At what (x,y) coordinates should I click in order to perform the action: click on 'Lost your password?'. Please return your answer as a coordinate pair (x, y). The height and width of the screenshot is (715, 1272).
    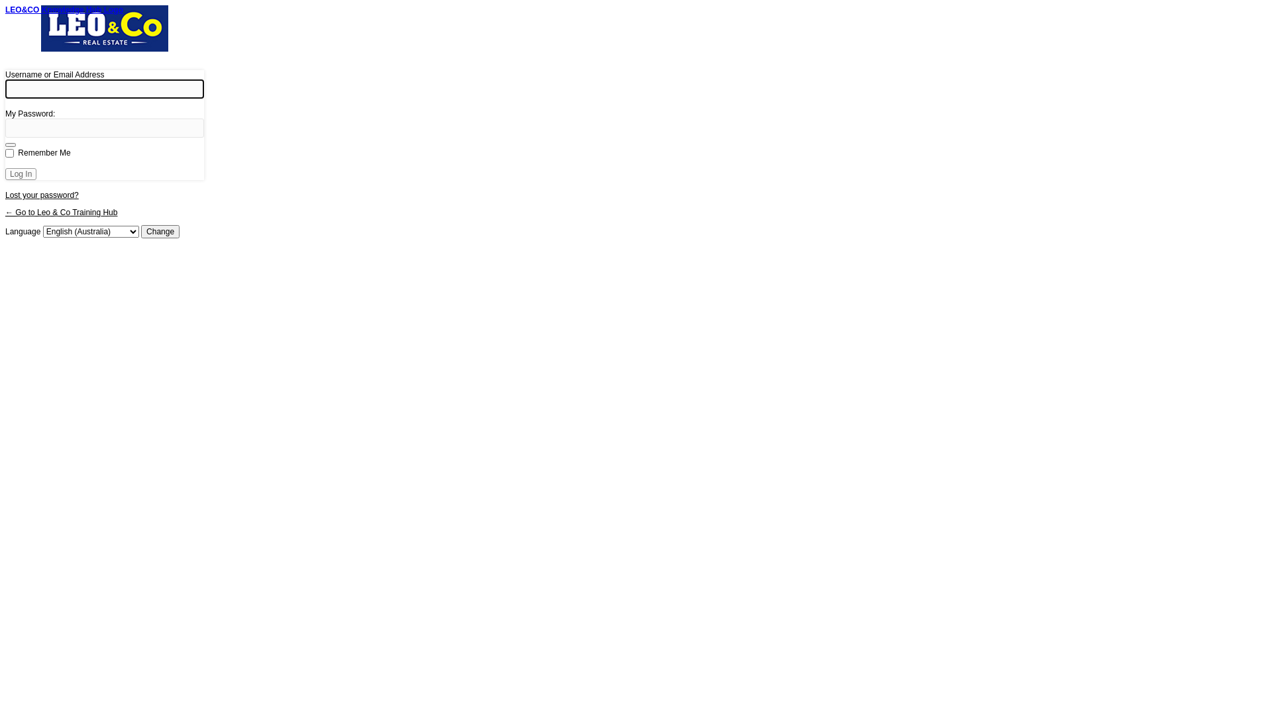
    Looking at the image, I should click on (42, 195).